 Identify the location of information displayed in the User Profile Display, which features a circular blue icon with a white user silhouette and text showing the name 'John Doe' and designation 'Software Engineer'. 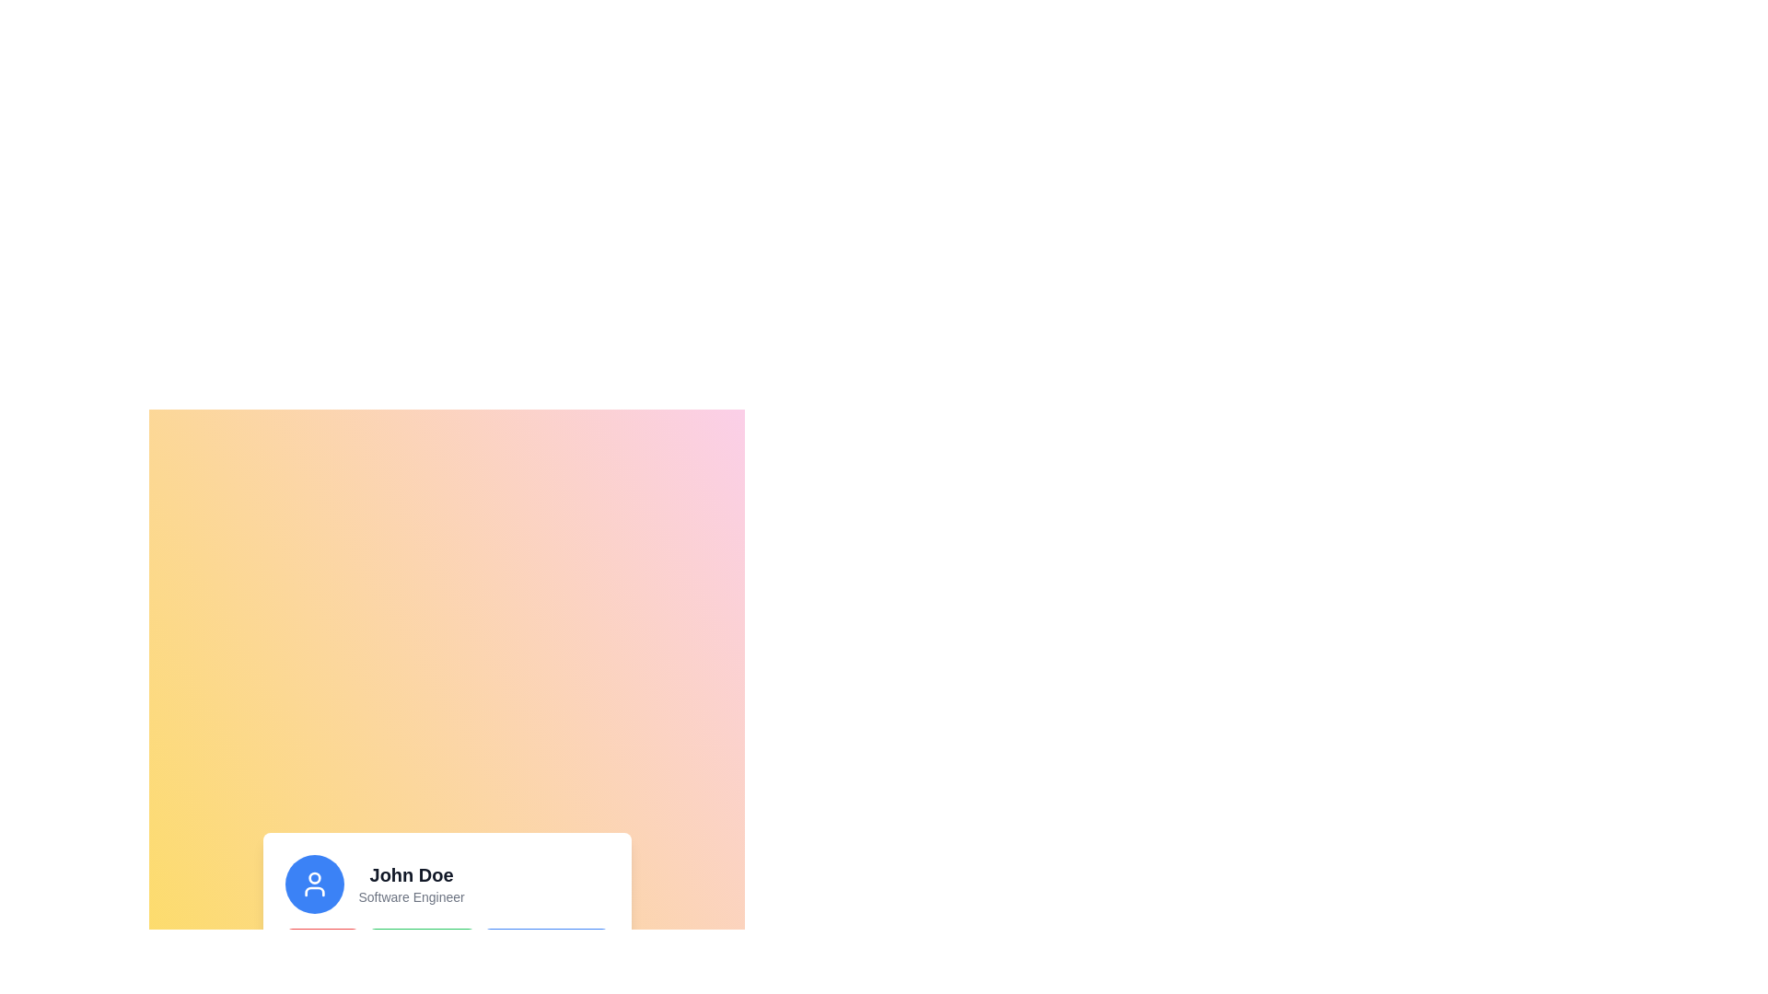
(447, 883).